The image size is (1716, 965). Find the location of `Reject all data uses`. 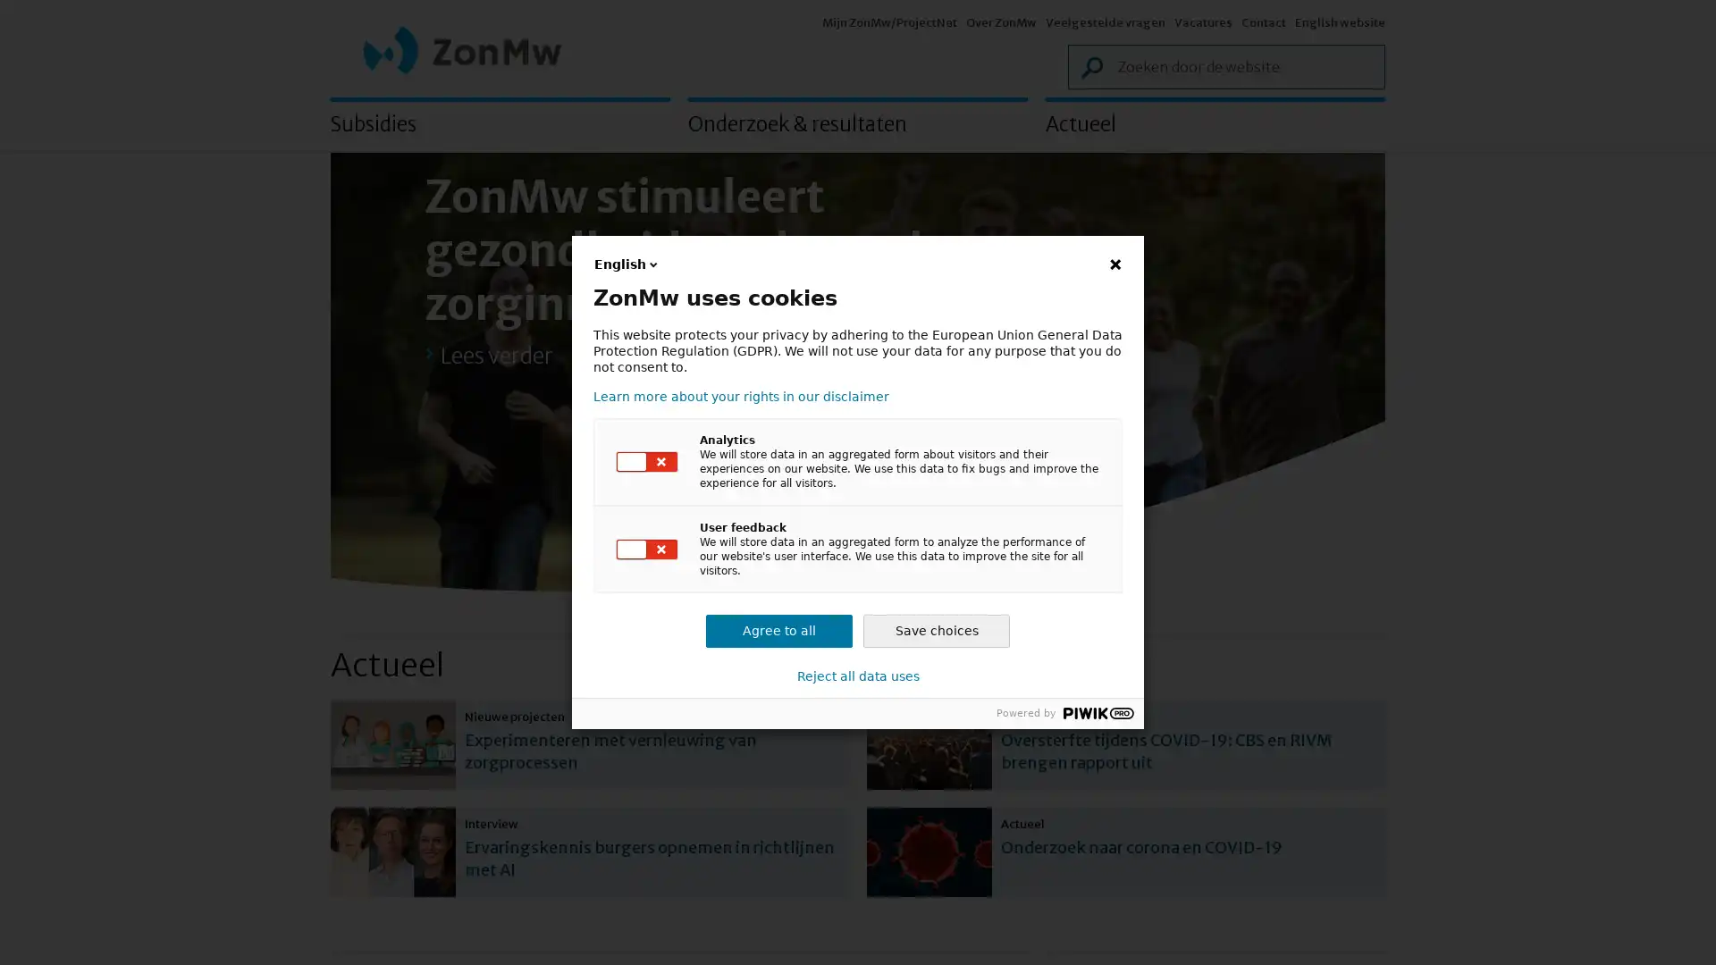

Reject all data uses is located at coordinates (856, 675).